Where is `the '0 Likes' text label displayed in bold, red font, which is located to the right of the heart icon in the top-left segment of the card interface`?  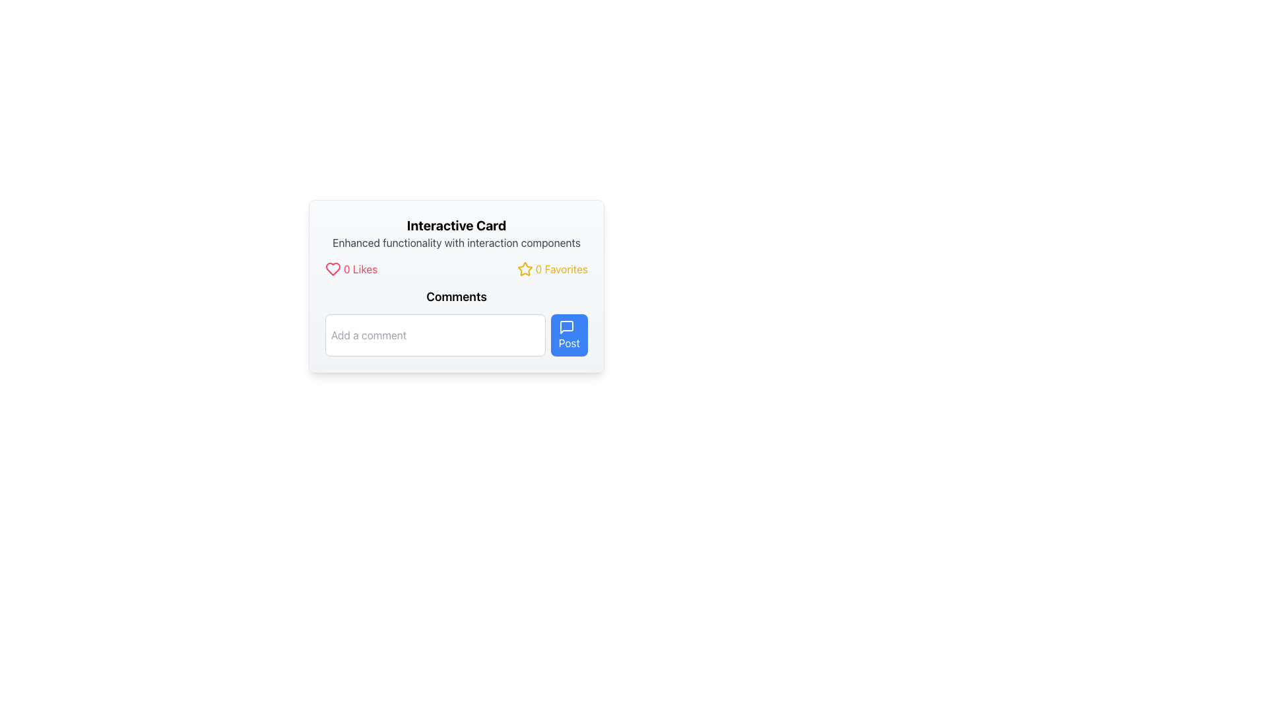 the '0 Likes' text label displayed in bold, red font, which is located to the right of the heart icon in the top-left segment of the card interface is located at coordinates (360, 269).